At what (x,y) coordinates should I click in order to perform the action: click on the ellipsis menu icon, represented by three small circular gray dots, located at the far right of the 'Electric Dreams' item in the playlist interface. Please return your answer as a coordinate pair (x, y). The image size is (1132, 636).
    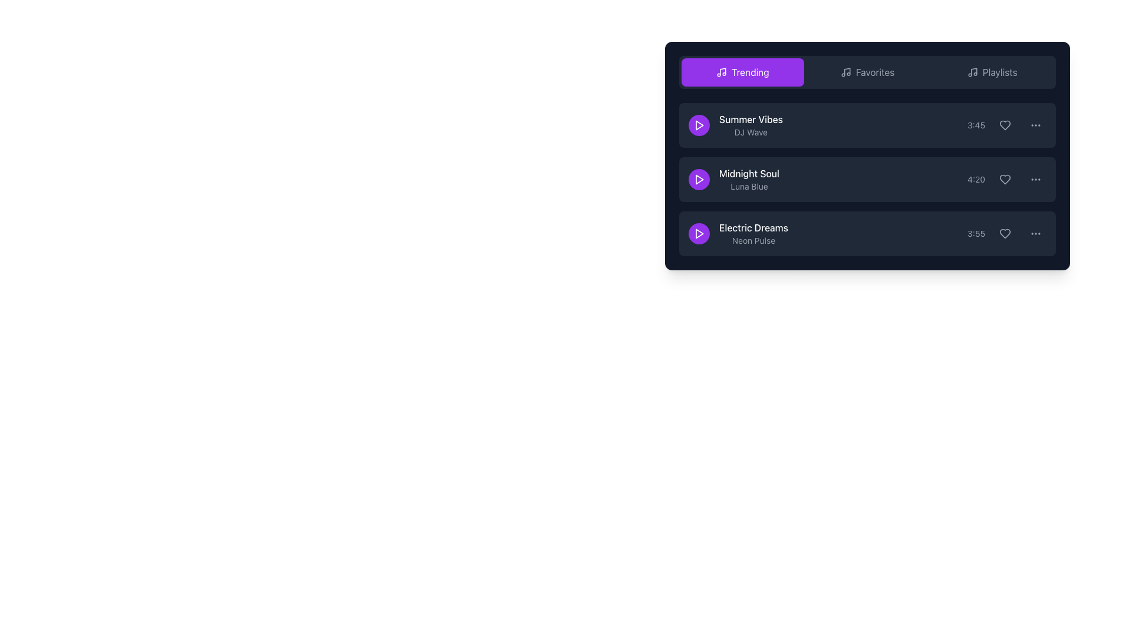
    Looking at the image, I should click on (1035, 234).